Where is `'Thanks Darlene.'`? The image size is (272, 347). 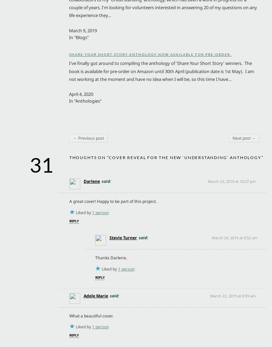
'Thanks Darlene.' is located at coordinates (111, 258).